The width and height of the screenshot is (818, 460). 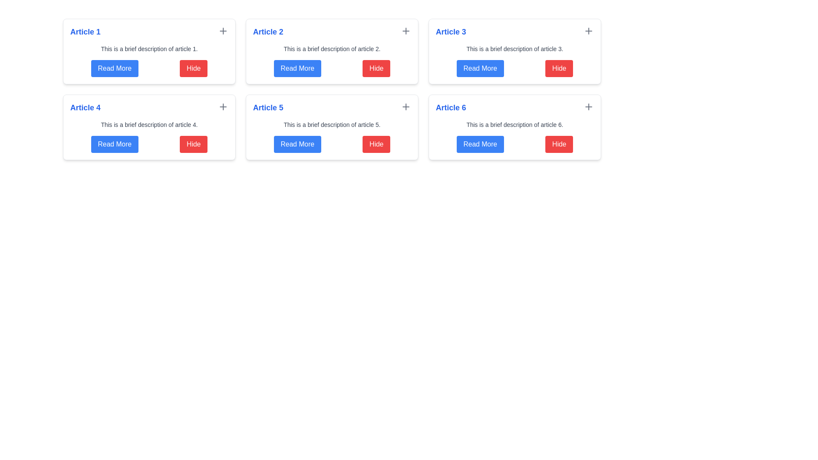 I want to click on the 'add' or 'expand' button located in the top-right corner of the 'Article 4' card, adjacent to the headline 'Article 4', so click(x=223, y=106).